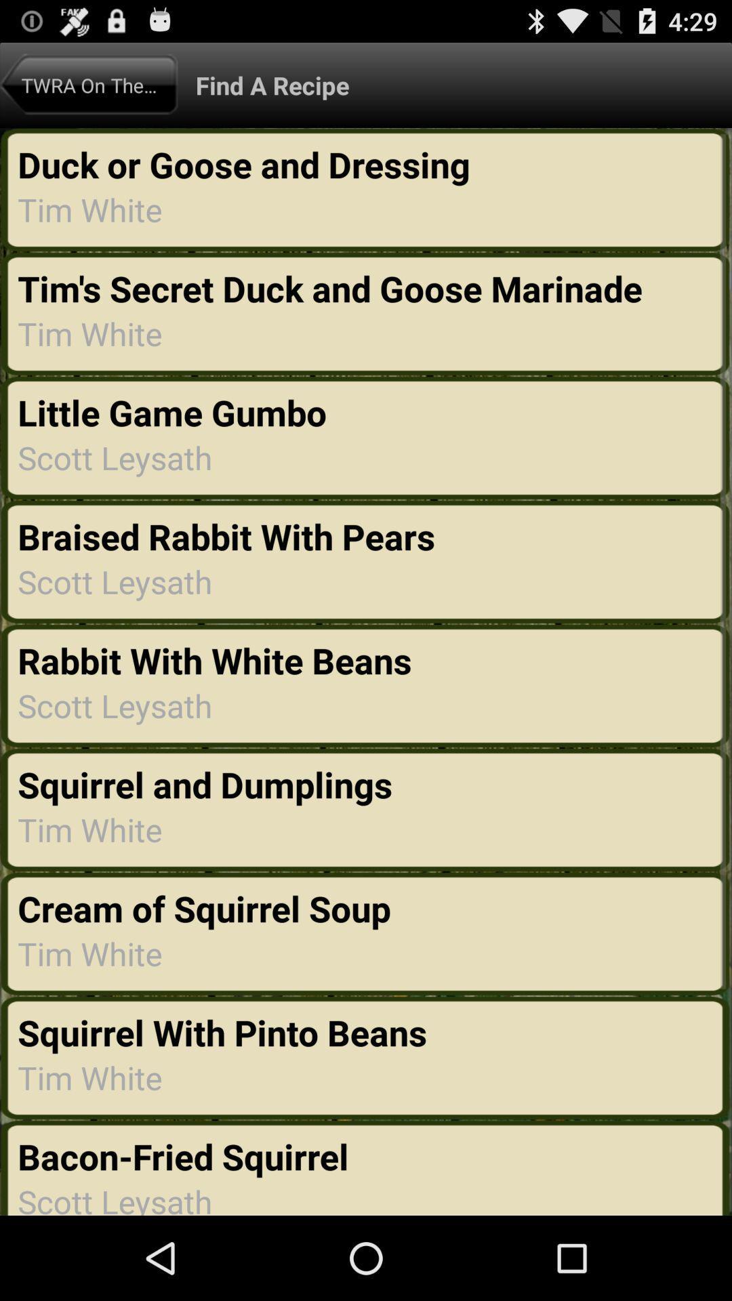 Image resolution: width=732 pixels, height=1301 pixels. I want to click on the little game gumbo  item, so click(176, 411).